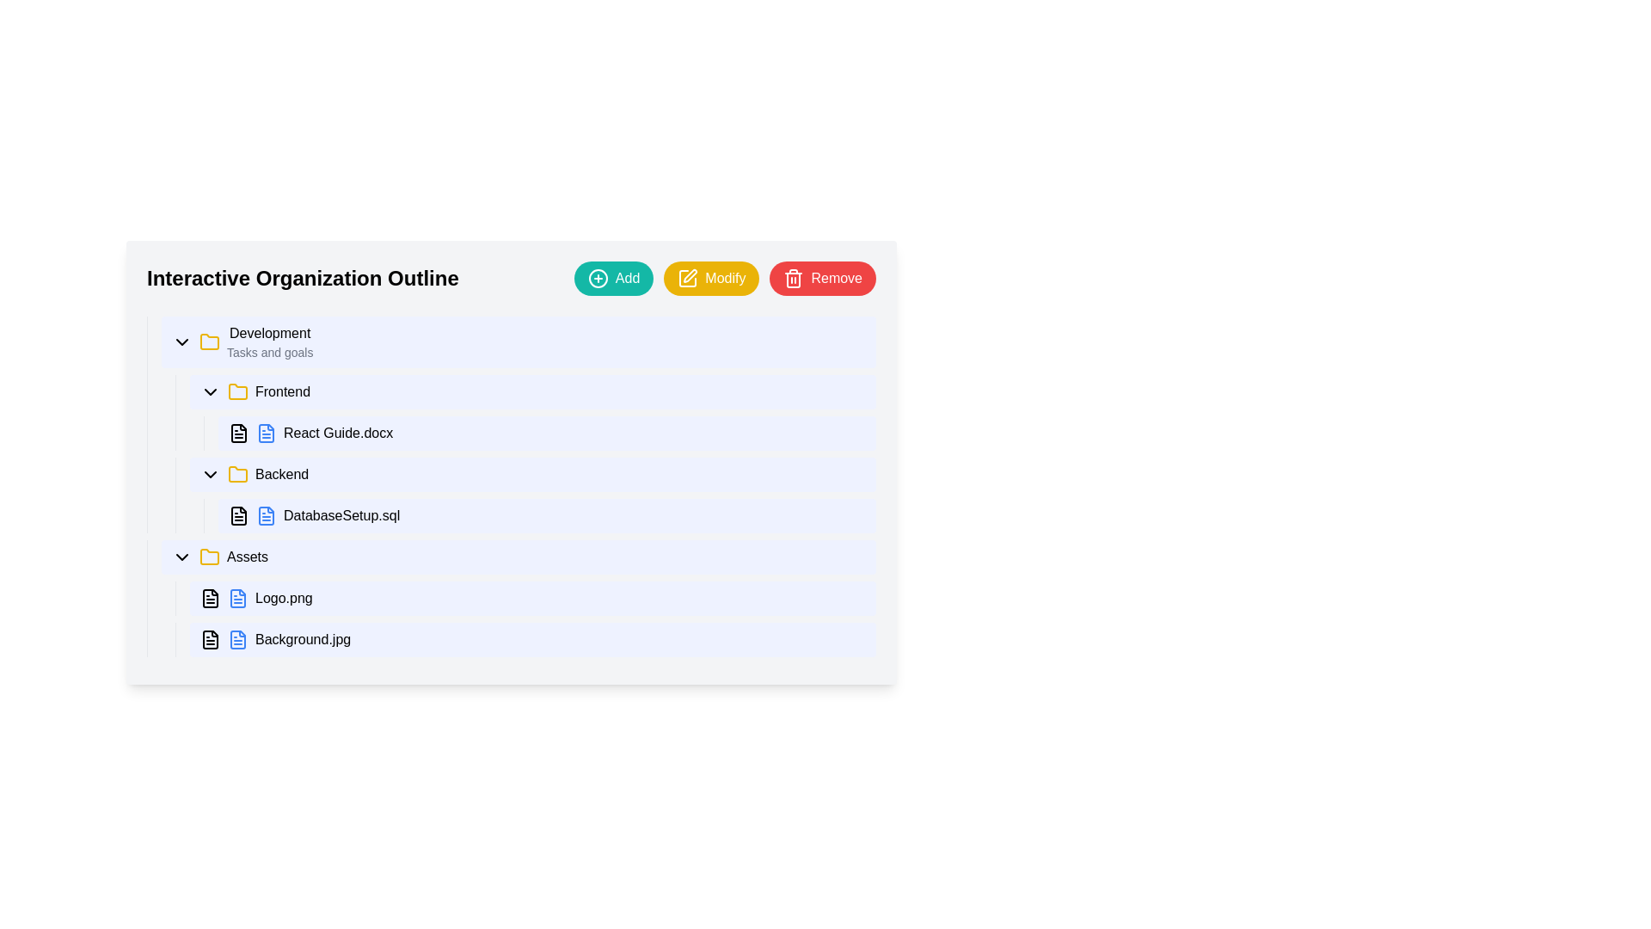 The height and width of the screenshot is (929, 1651). Describe the element at coordinates (237, 474) in the screenshot. I see `the folder icon representing the 'Backend' section` at that location.